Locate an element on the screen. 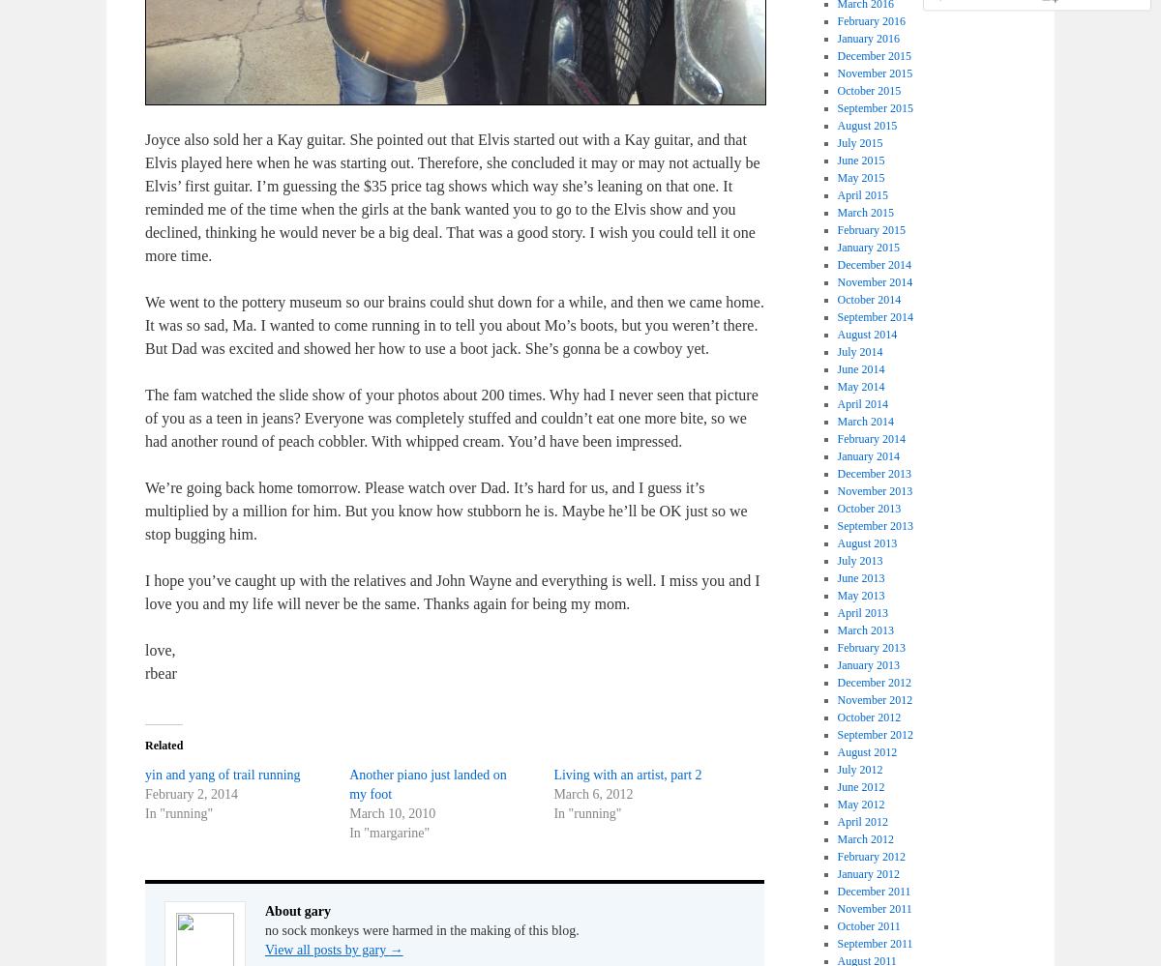 Image resolution: width=1161 pixels, height=966 pixels. 'June 2012' is located at coordinates (859, 786).